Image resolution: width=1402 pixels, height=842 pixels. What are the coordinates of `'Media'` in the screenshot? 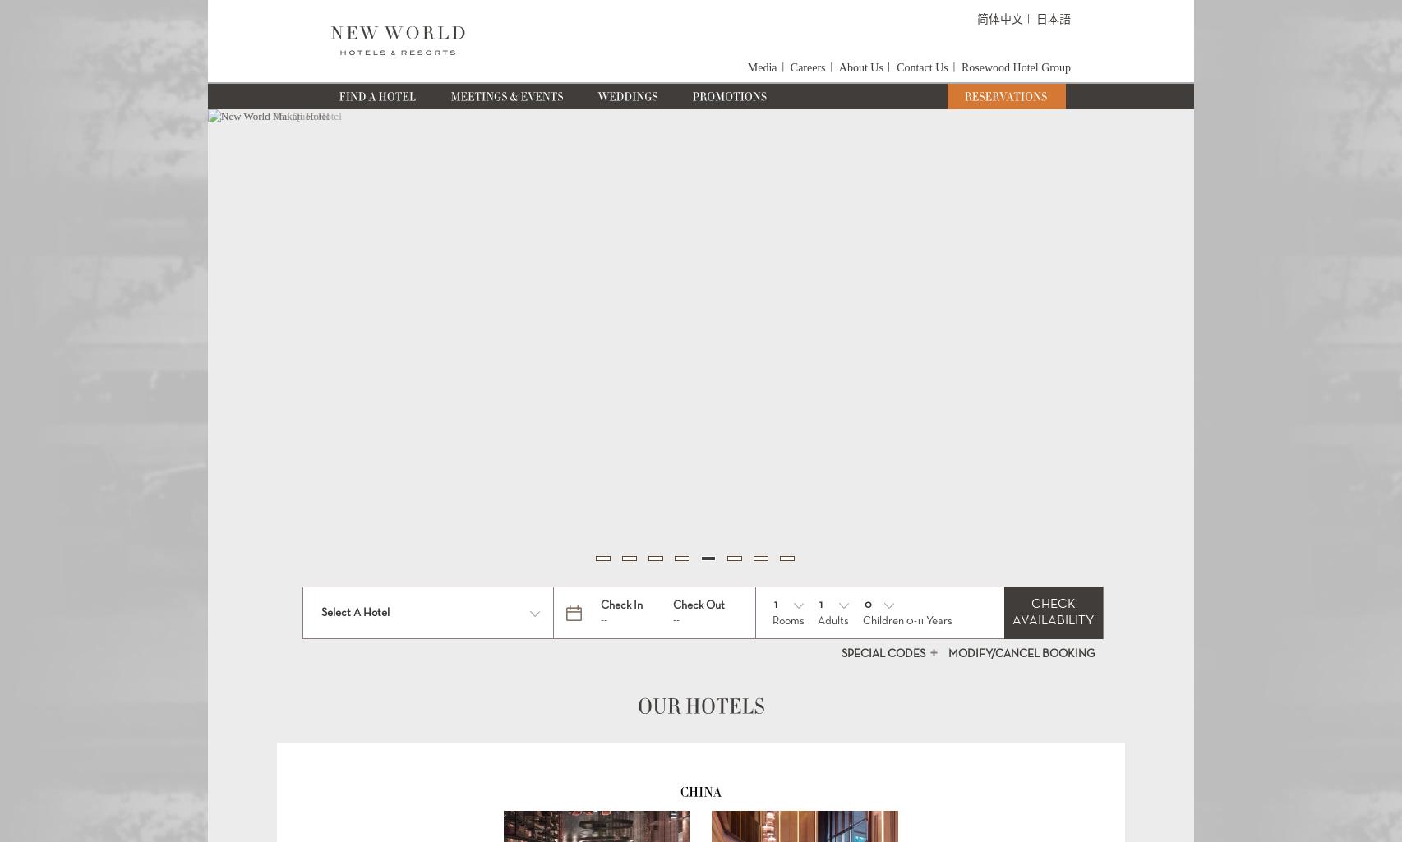 It's located at (762, 67).